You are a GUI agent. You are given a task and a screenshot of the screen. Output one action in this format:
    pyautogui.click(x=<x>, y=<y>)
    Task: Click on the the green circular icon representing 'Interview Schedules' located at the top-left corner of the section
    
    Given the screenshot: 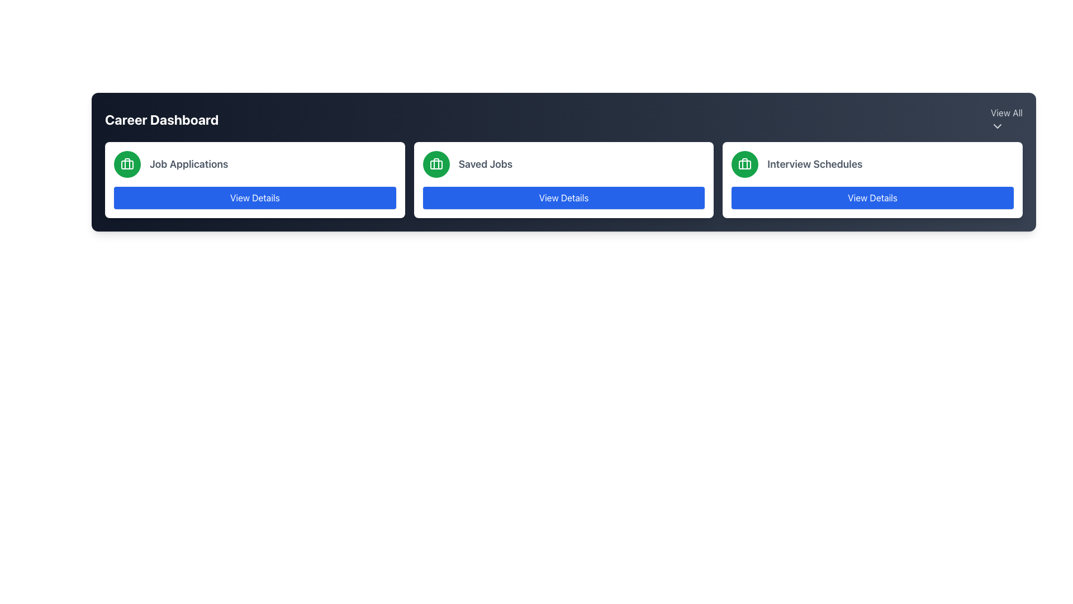 What is the action you would take?
    pyautogui.click(x=745, y=164)
    